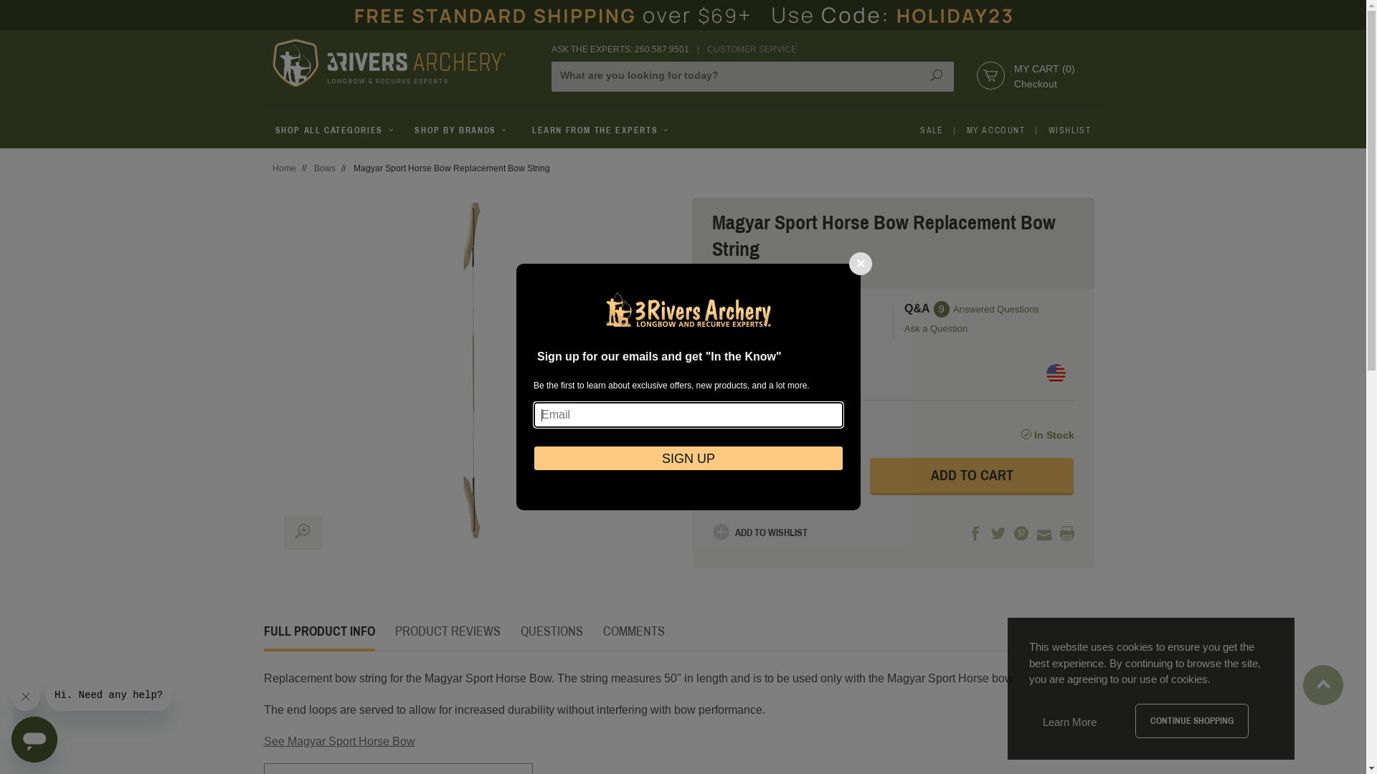 Image resolution: width=1377 pixels, height=774 pixels. I want to click on 'QUESTIONS', so click(551, 631).